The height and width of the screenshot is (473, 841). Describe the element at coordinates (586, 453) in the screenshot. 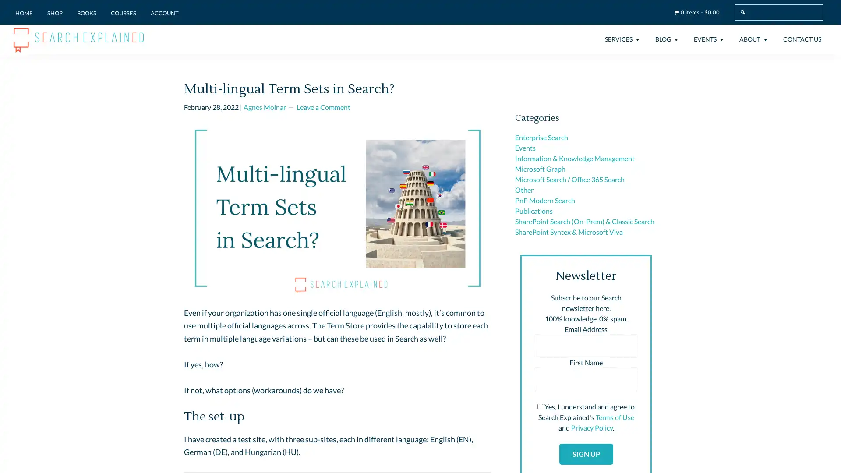

I see `Sign Up` at that location.